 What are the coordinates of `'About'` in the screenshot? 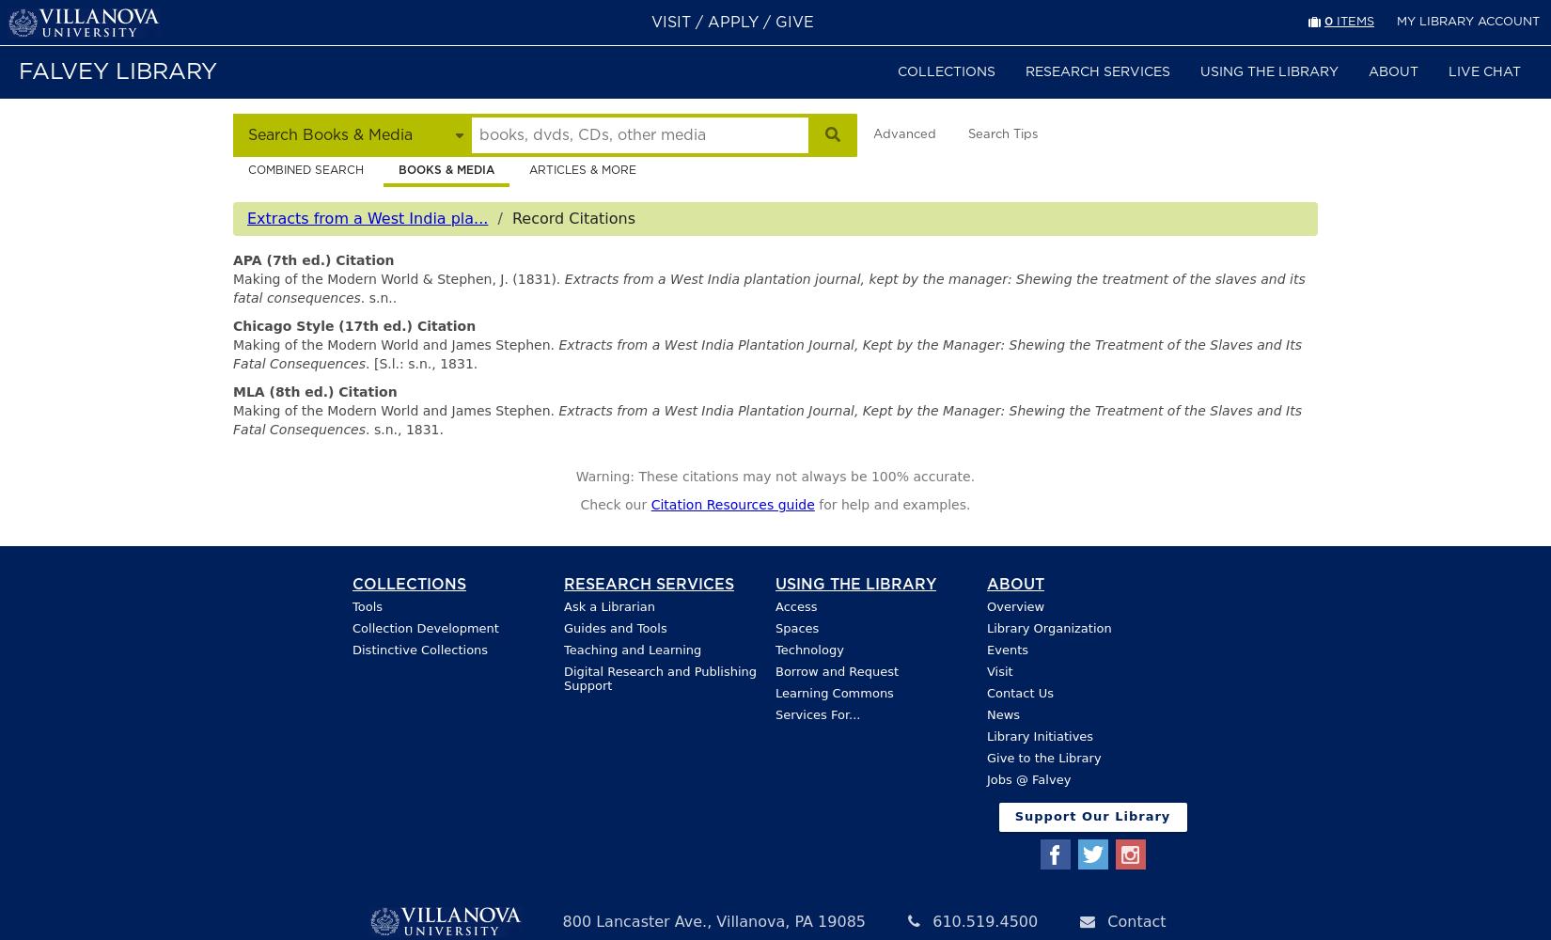 It's located at (1015, 583).